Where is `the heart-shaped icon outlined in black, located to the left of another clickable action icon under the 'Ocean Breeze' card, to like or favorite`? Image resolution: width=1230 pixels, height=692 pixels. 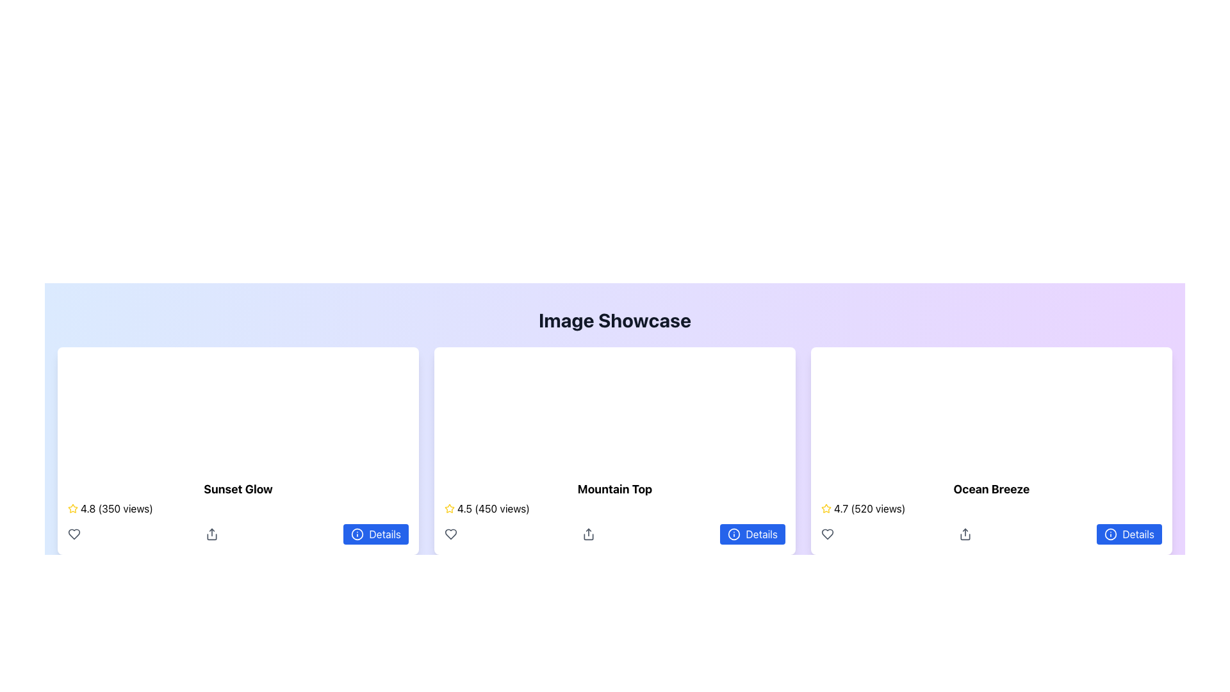 the heart-shaped icon outlined in black, located to the left of another clickable action icon under the 'Ocean Breeze' card, to like or favorite is located at coordinates (827, 534).